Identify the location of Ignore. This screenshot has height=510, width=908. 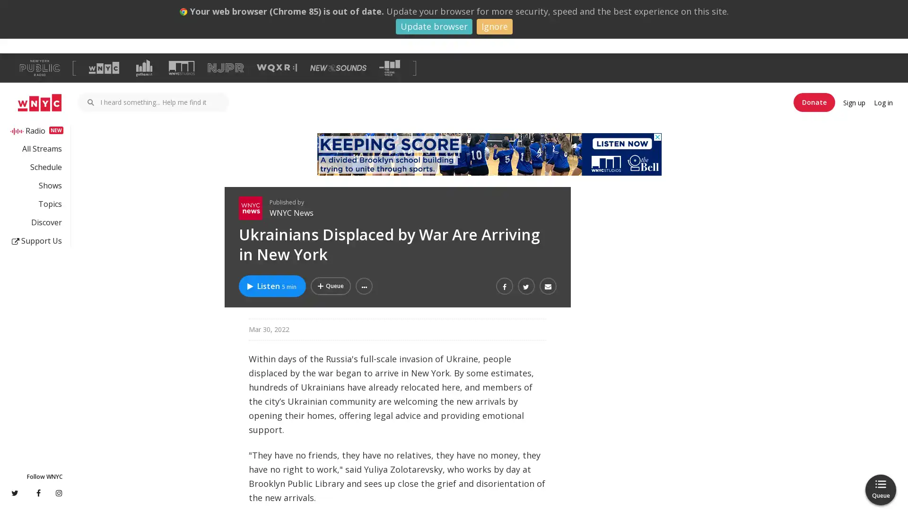
(494, 26).